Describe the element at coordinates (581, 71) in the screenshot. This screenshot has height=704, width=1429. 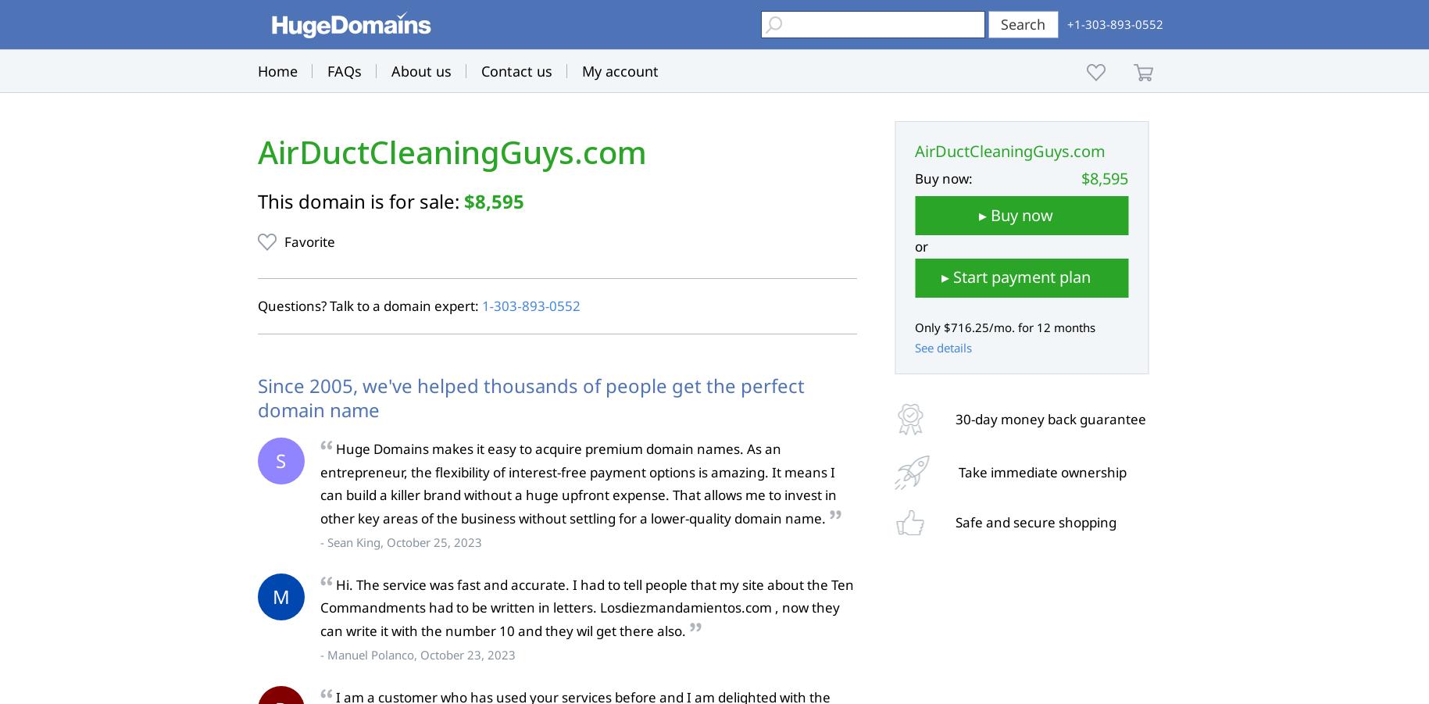
I see `'My account'` at that location.